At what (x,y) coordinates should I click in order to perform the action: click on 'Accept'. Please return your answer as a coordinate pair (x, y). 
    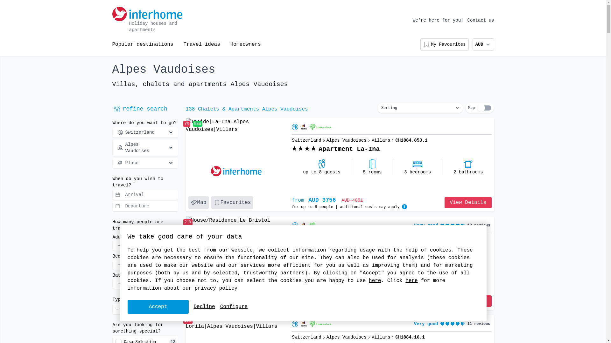
    Looking at the image, I should click on (158, 306).